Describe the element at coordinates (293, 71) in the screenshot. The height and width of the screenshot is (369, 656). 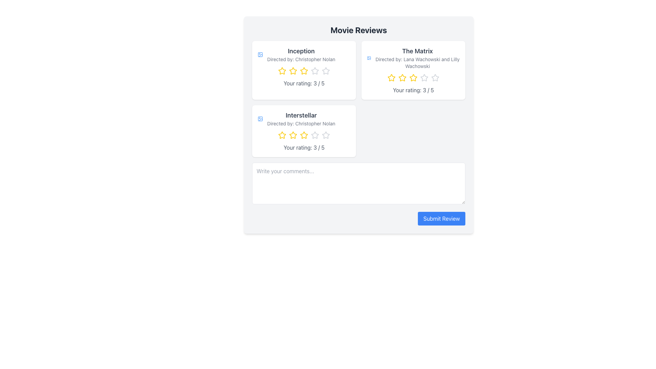
I see `the second star in the row of five stars representing the rating for the movie 'Inception' to set or modify the rating` at that location.